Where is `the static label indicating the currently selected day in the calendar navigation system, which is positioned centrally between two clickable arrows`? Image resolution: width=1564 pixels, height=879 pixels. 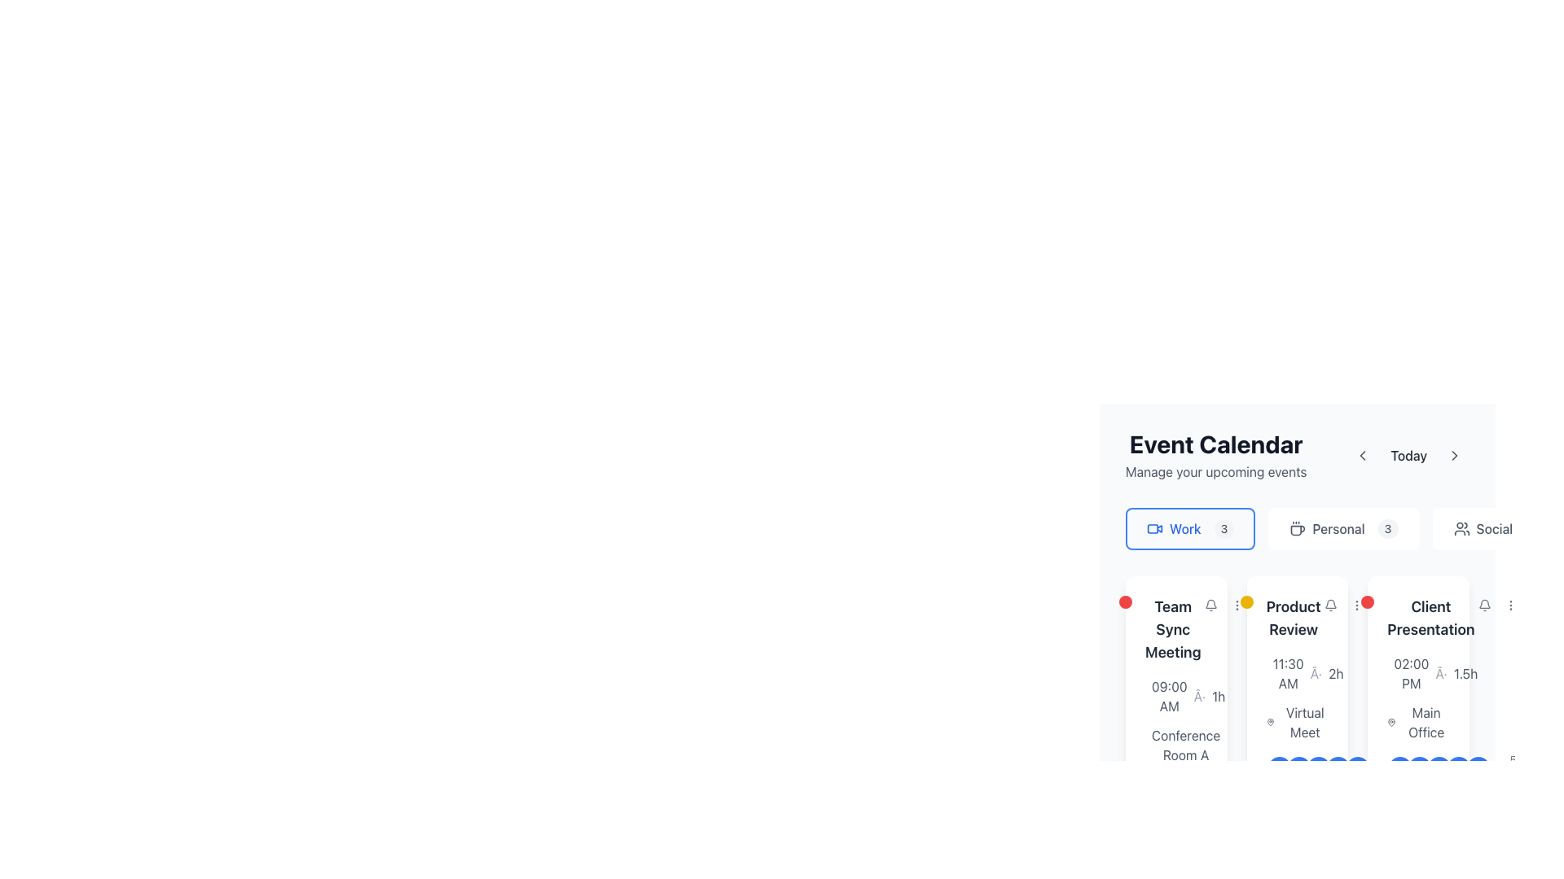
the static label indicating the currently selected day in the calendar navigation system, which is positioned centrally between two clickable arrows is located at coordinates (1408, 455).